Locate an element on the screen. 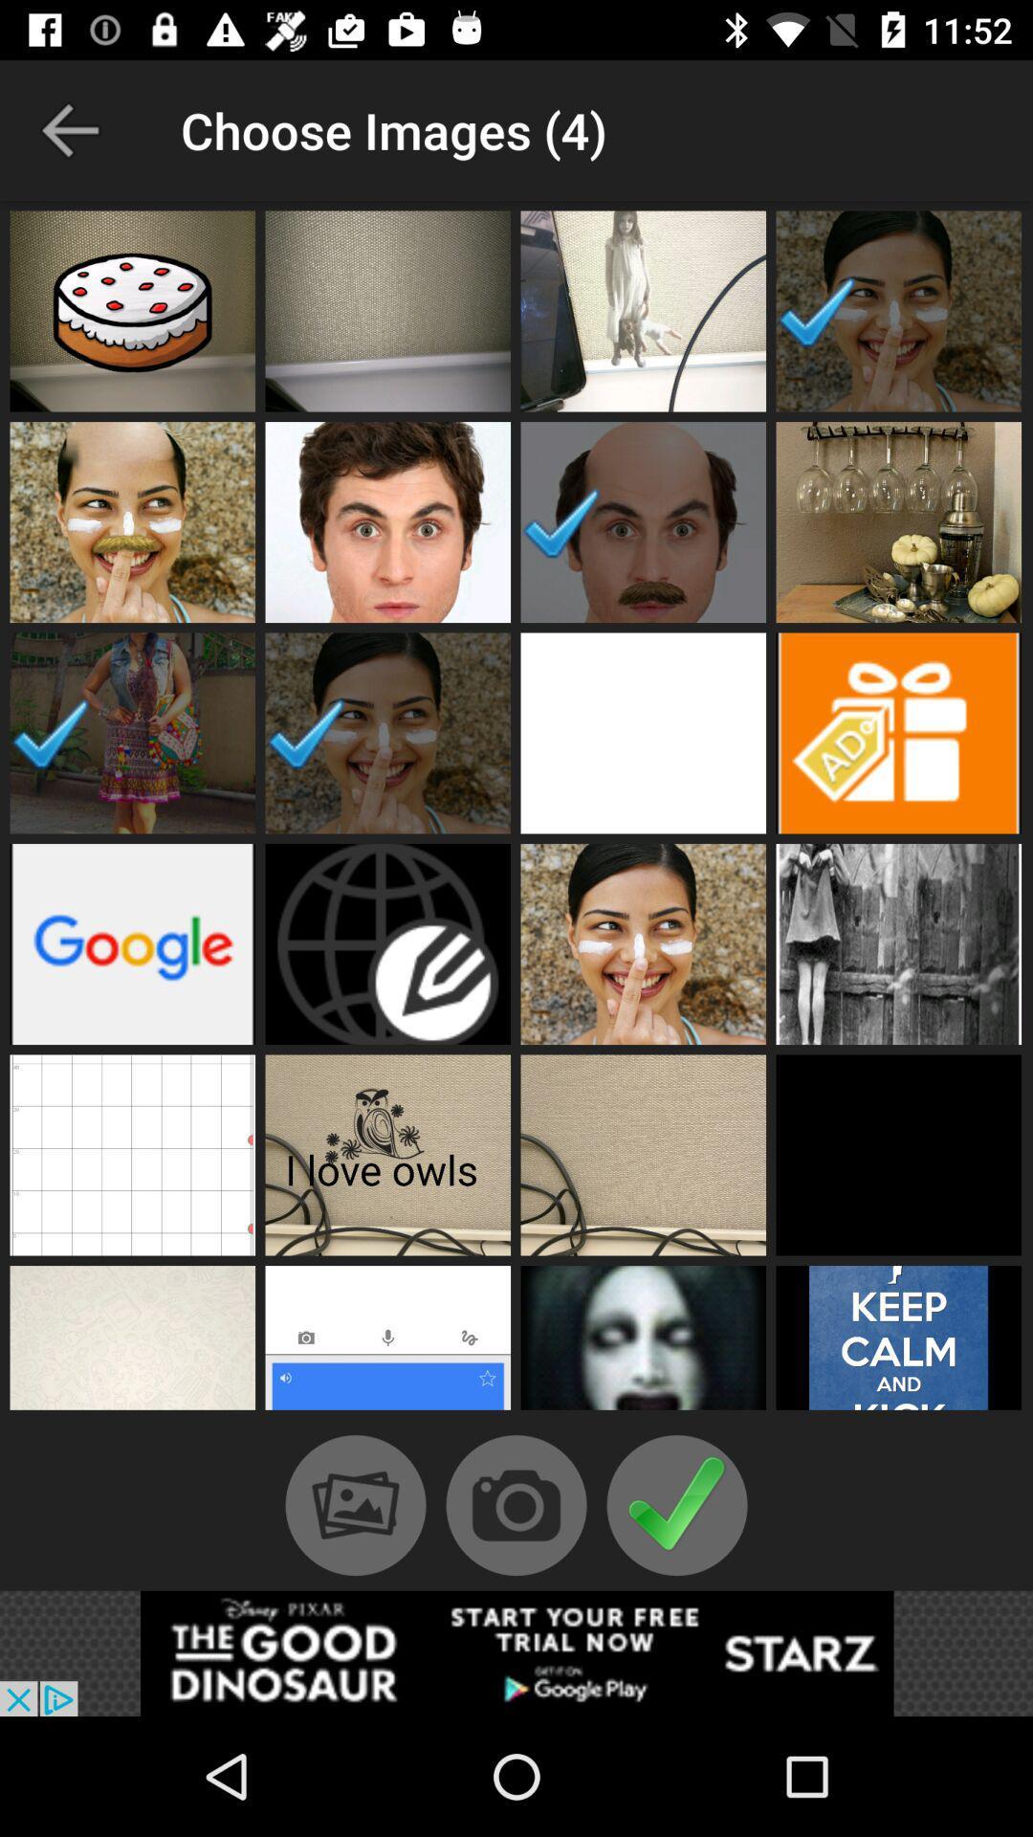  open profile is located at coordinates (387, 1154).